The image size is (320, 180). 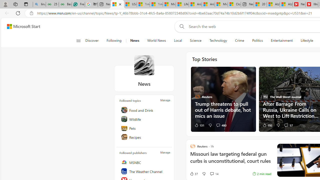 What do you see at coordinates (78, 4) in the screenshot?
I see `'Free AI Writing Assistance for Students | Grammarly'` at bounding box center [78, 4].